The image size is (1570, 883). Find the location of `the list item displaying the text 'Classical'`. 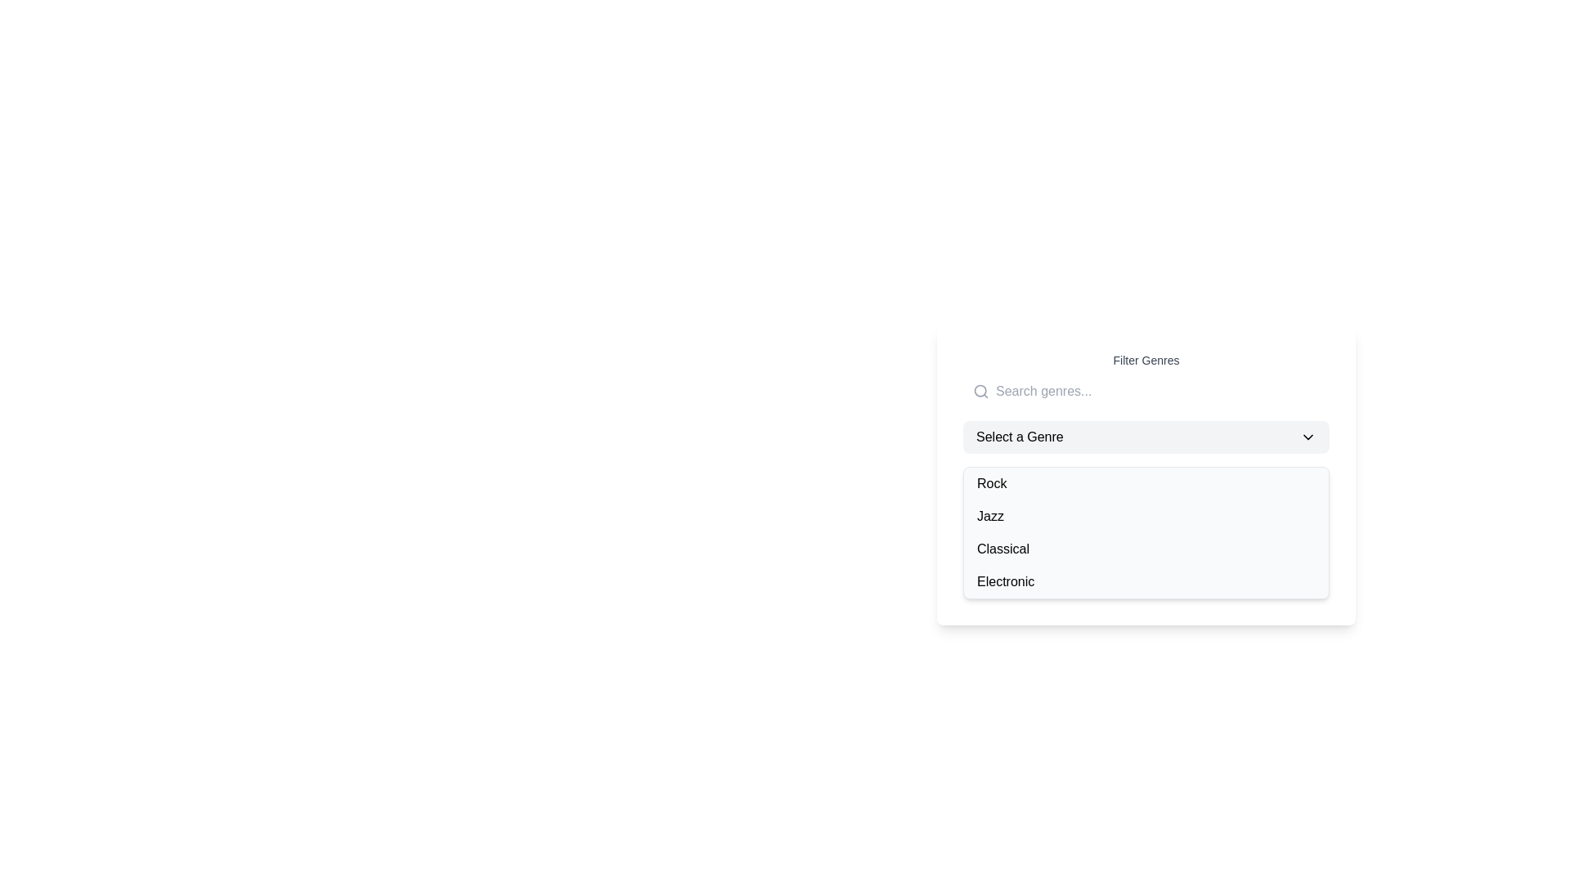

the list item displaying the text 'Classical' is located at coordinates (1003, 549).